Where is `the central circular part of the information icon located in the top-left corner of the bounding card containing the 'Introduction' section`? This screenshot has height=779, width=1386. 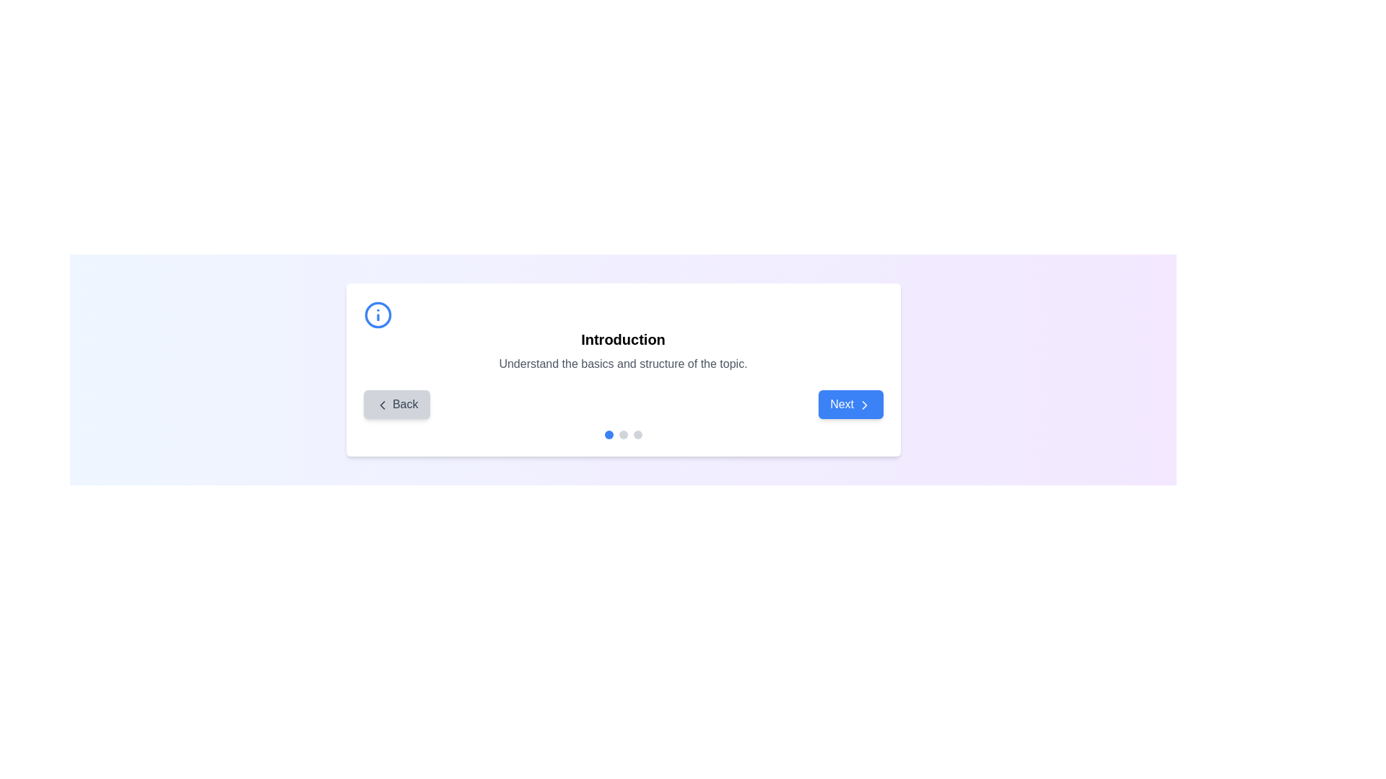 the central circular part of the information icon located in the top-left corner of the bounding card containing the 'Introduction' section is located at coordinates (378, 314).